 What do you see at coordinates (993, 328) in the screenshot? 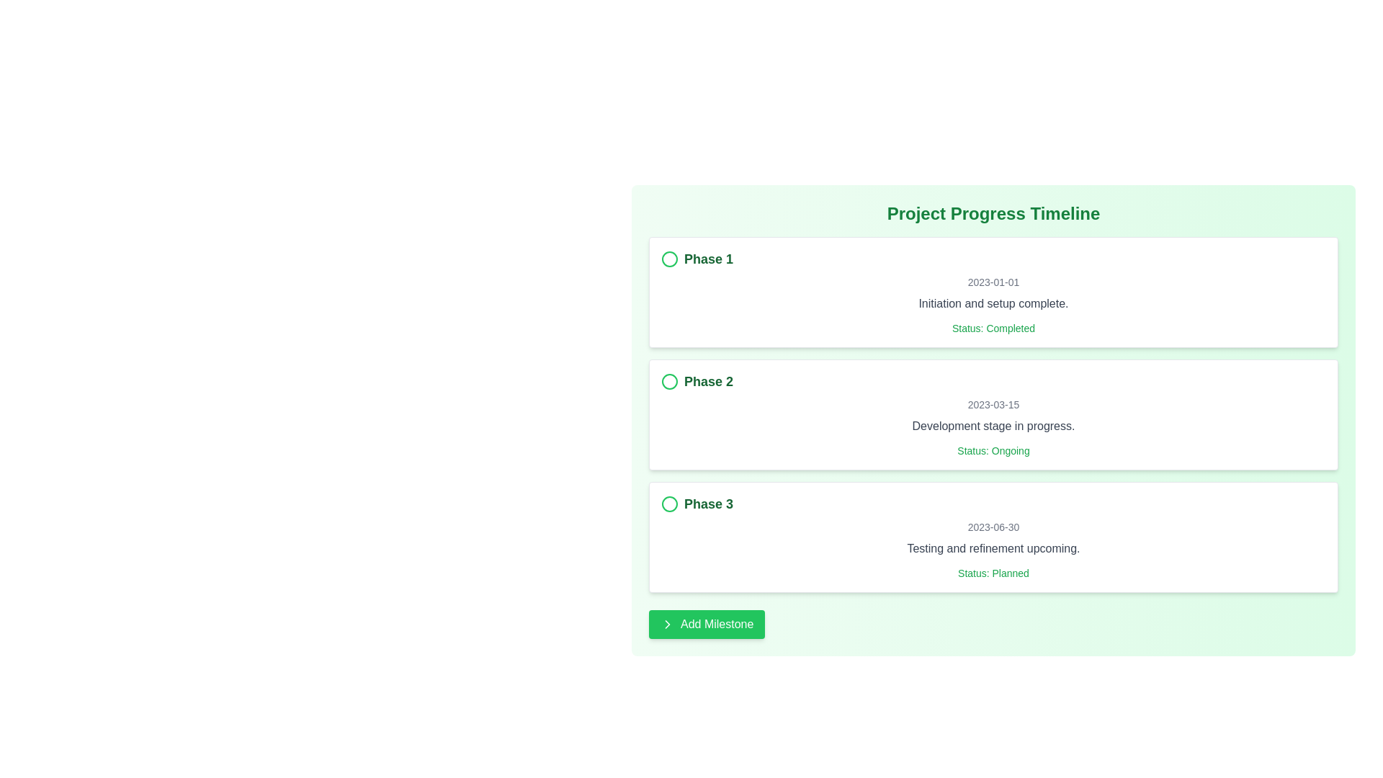
I see `the text label that displays 'Status: Completed' to possibly reveal more information` at bounding box center [993, 328].